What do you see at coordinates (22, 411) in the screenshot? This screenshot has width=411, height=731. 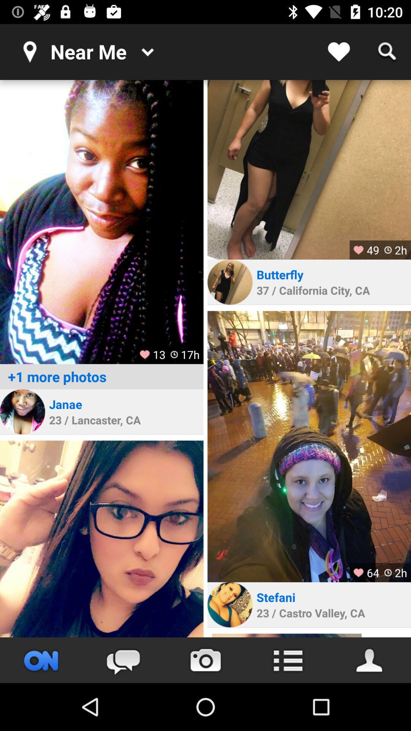 I see `selects a persons page` at bounding box center [22, 411].